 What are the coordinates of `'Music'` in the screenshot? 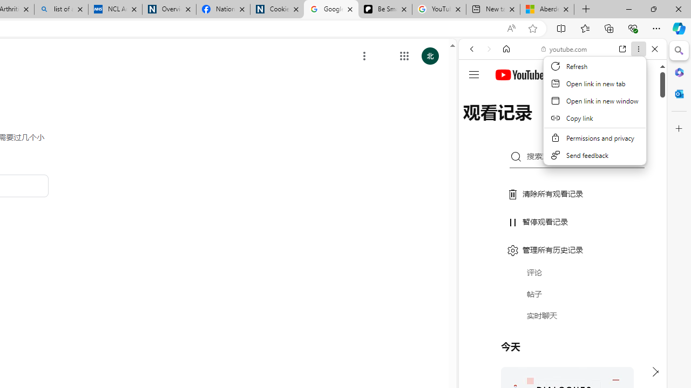 It's located at (562, 293).